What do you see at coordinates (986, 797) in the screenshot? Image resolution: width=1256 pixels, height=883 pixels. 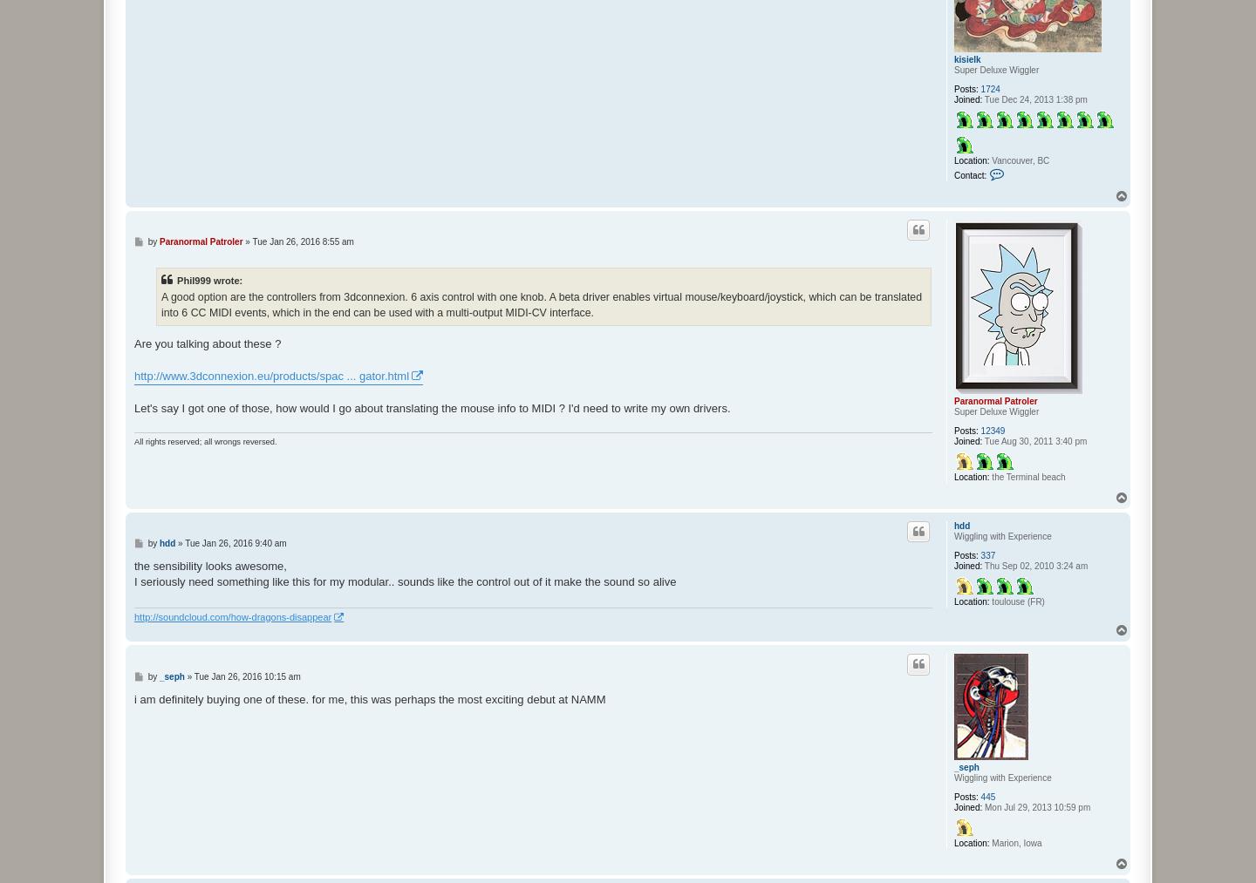 I see `'445'` at bounding box center [986, 797].